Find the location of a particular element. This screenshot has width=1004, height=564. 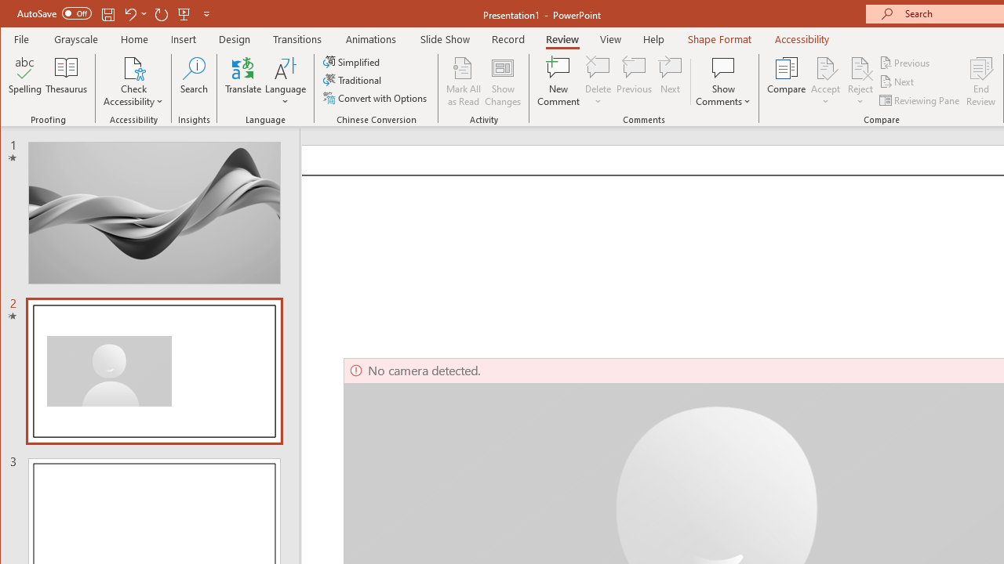

'Mark All as Read' is located at coordinates (463, 81).